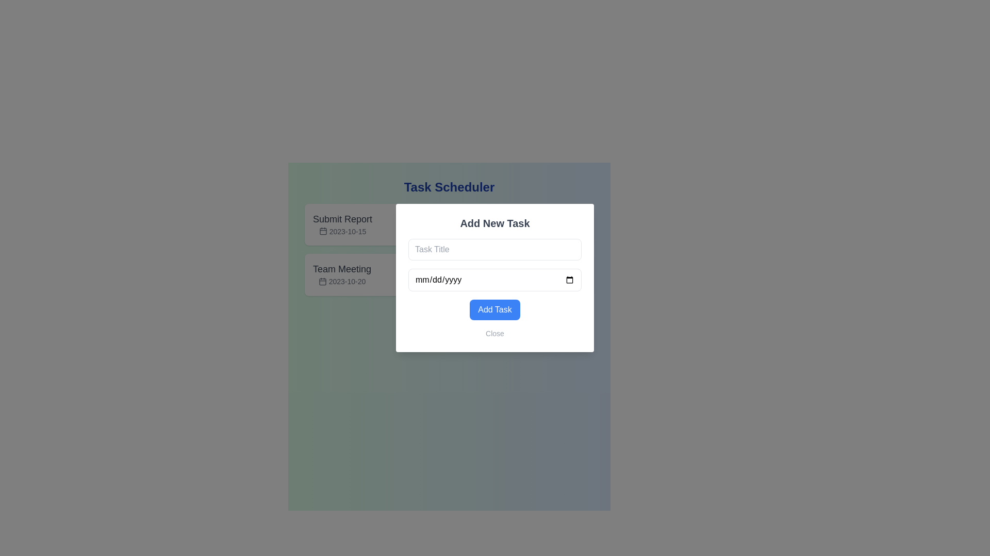 This screenshot has width=990, height=556. Describe the element at coordinates (322, 231) in the screenshot. I see `the small calendar icon located to the left of the text '2023-10-15' within the task labeled 'Submit Report'` at that location.